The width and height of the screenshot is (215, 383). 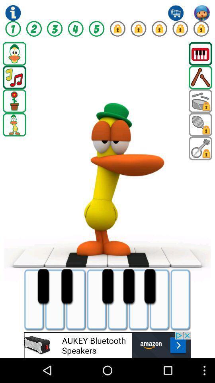 What do you see at coordinates (200, 77) in the screenshot?
I see `drum sticks` at bounding box center [200, 77].